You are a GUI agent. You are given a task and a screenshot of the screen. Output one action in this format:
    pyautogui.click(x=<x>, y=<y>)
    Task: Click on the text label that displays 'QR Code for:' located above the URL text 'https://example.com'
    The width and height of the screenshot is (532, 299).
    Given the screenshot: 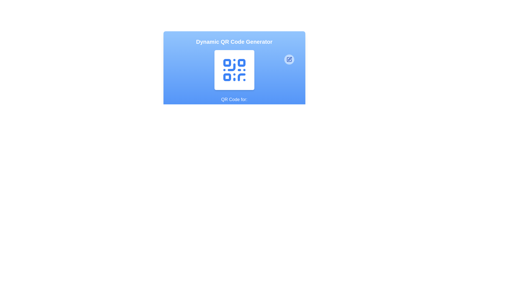 What is the action you would take?
    pyautogui.click(x=234, y=99)
    